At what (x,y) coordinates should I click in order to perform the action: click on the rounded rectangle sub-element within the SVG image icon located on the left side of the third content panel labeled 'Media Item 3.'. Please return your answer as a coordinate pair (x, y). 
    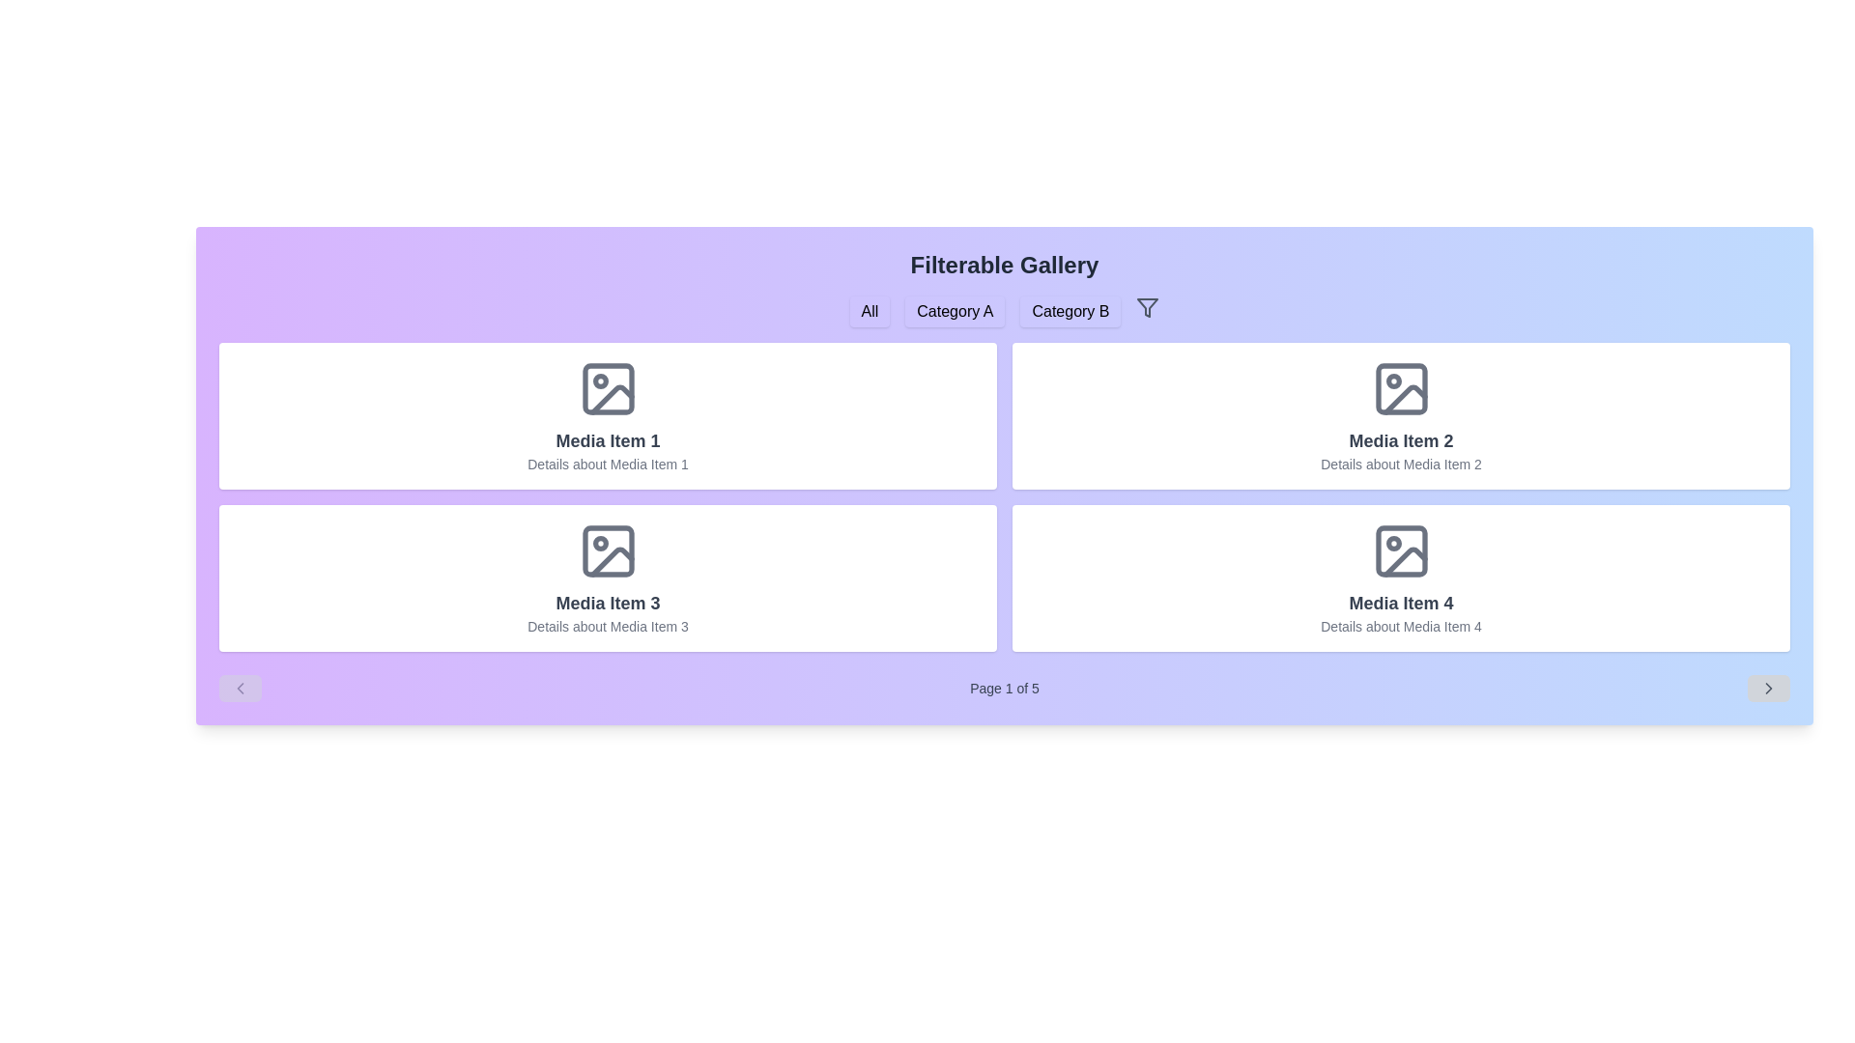
    Looking at the image, I should click on (607, 550).